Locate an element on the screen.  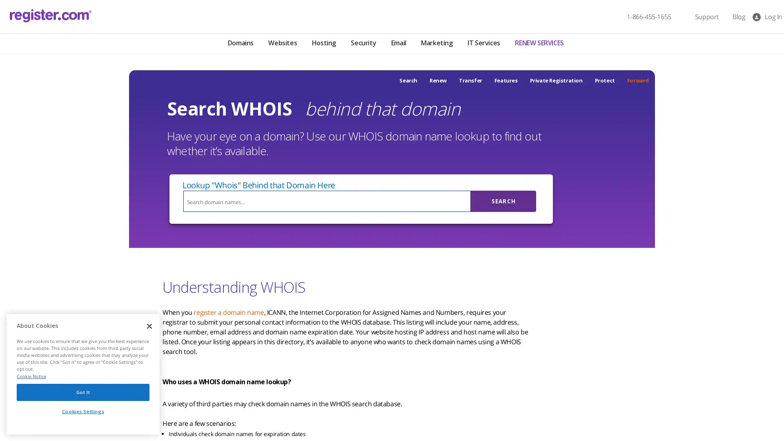
Marketing is located at coordinates (436, 44).